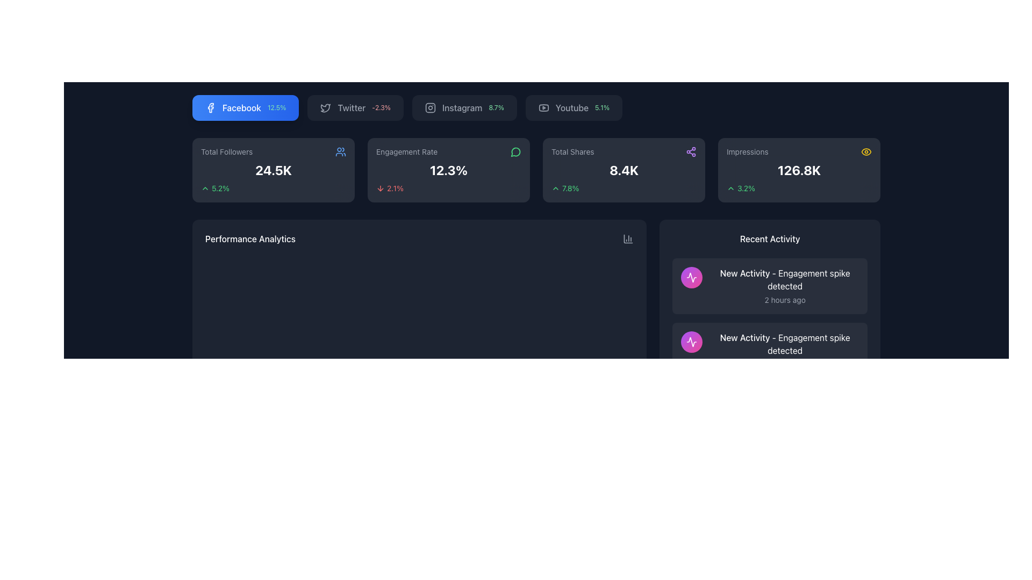 The width and height of the screenshot is (1032, 580). I want to click on the Statistical text display that shows the Engagement Rate metric, located within the card labeled 'Engagement Rate' at the center of the card, so click(449, 169).